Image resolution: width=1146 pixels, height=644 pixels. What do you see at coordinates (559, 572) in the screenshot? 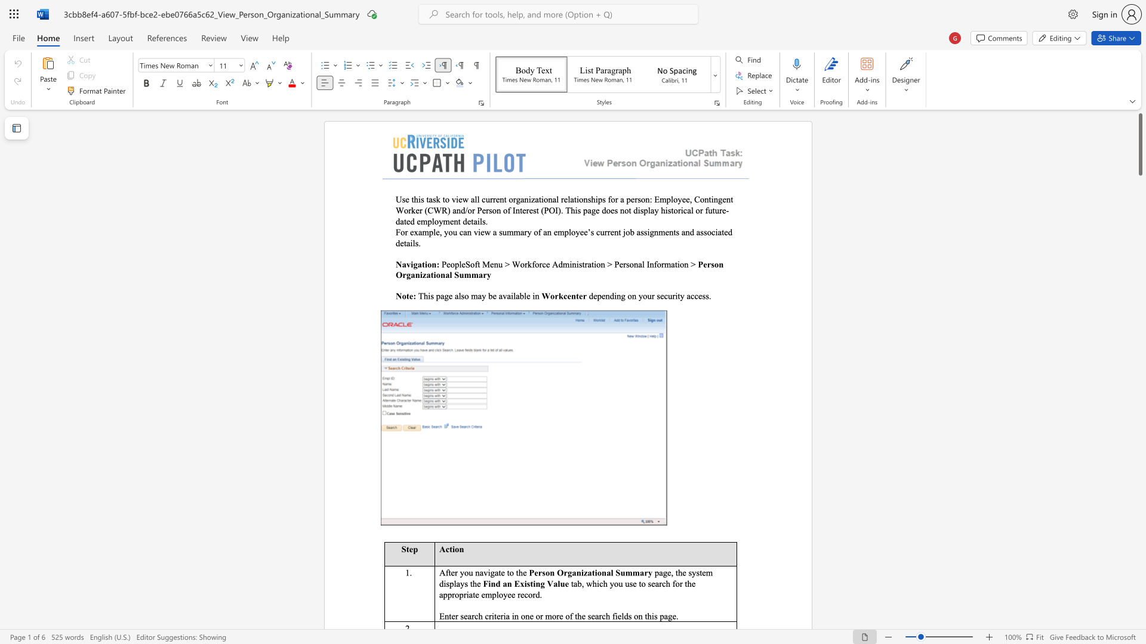
I see `the 1th character "O" in the text` at bounding box center [559, 572].